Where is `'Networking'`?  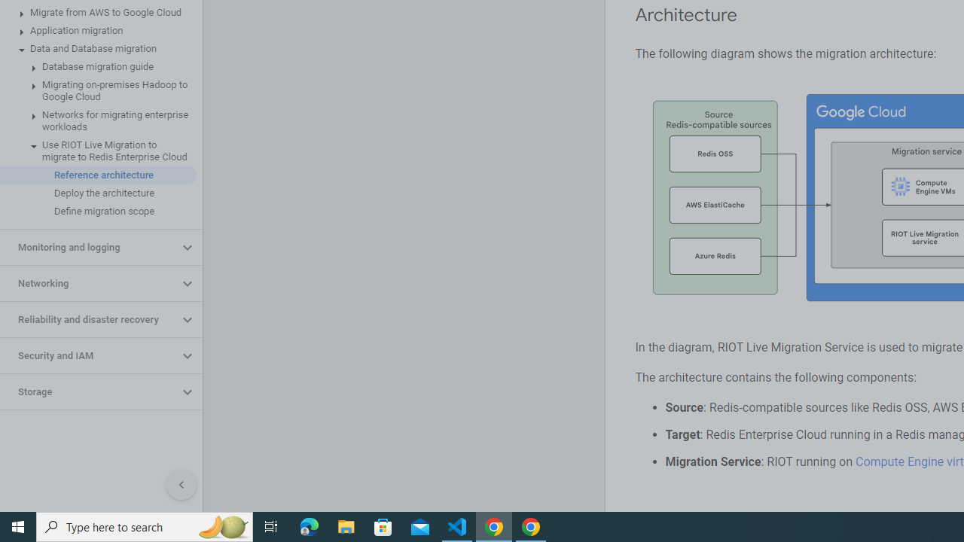
'Networking' is located at coordinates (88, 283).